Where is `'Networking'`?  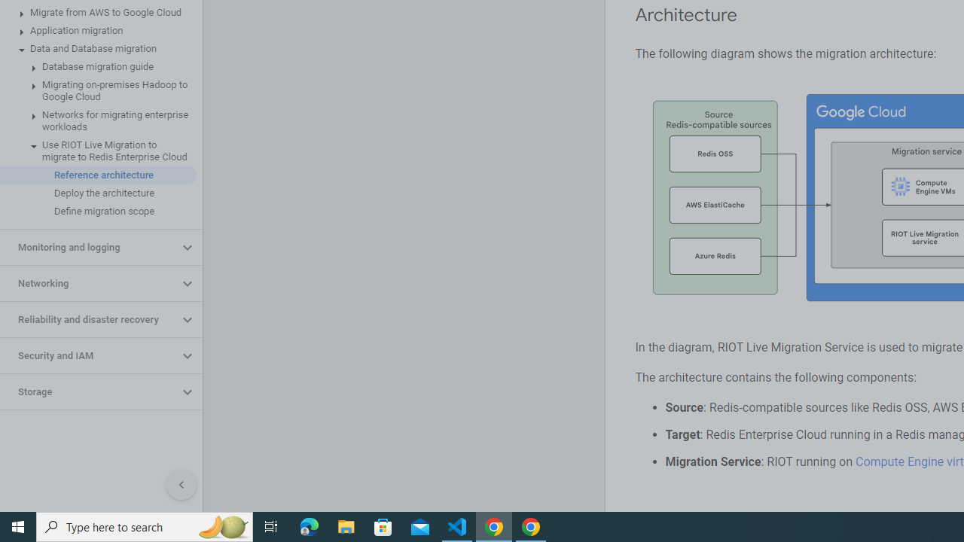
'Networking' is located at coordinates (88, 283).